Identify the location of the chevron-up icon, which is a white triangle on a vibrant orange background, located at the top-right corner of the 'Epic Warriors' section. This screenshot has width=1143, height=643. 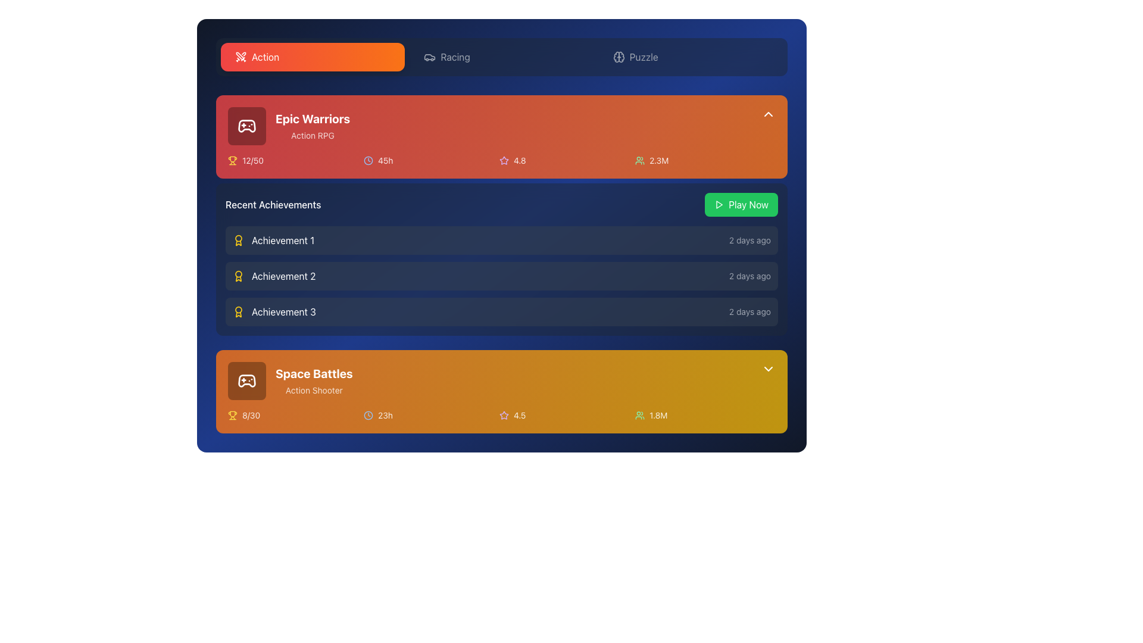
(769, 114).